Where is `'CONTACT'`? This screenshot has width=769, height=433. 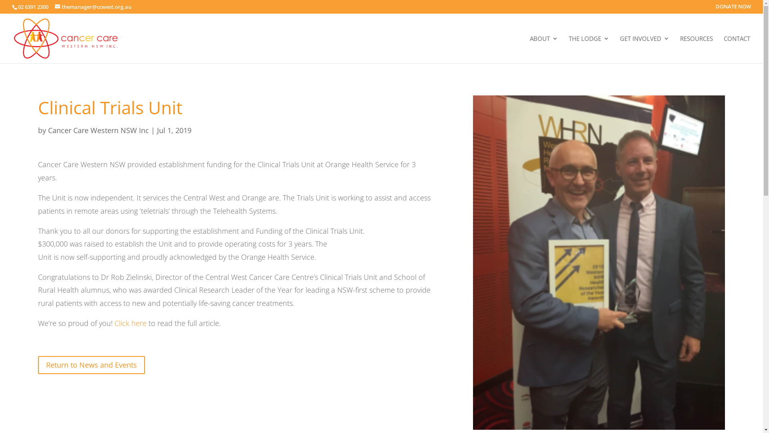
'CONTACT' is located at coordinates (737, 49).